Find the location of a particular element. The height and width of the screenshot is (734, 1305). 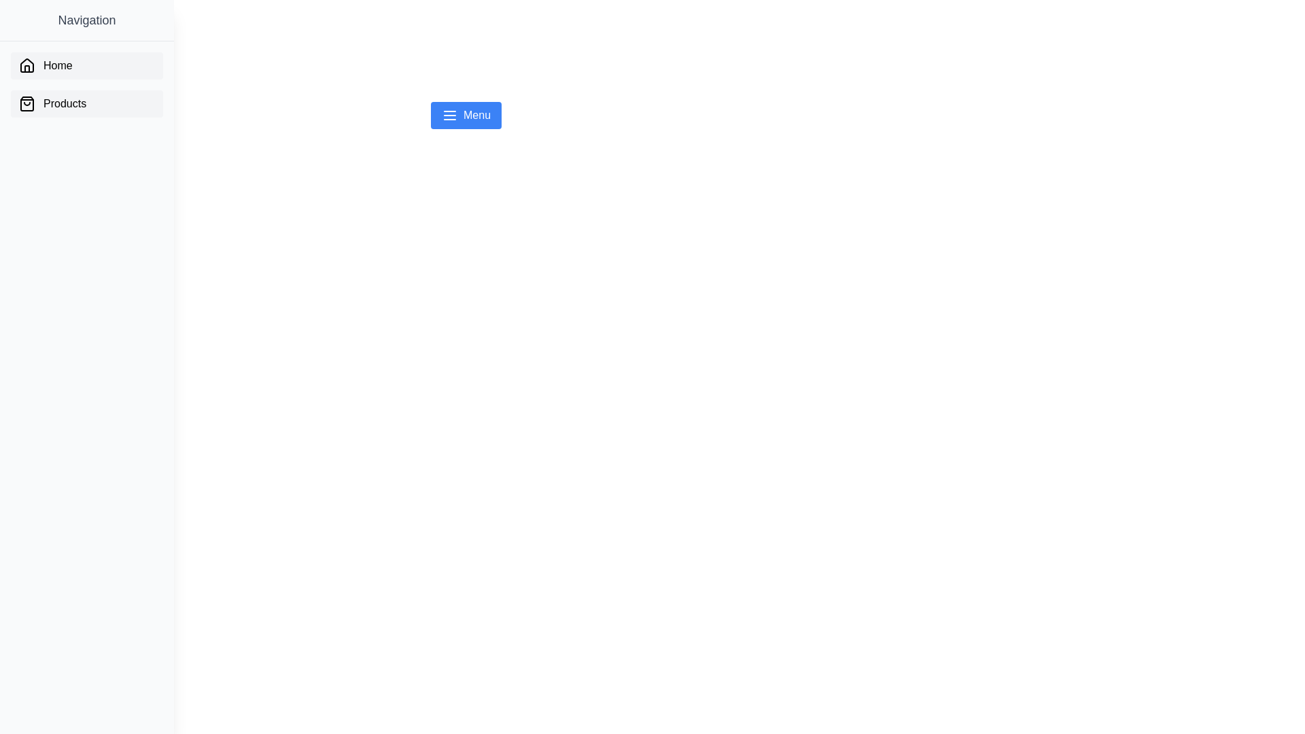

the blue 'Menu' button to toggle the drawer menu visibility is located at coordinates (466, 114).